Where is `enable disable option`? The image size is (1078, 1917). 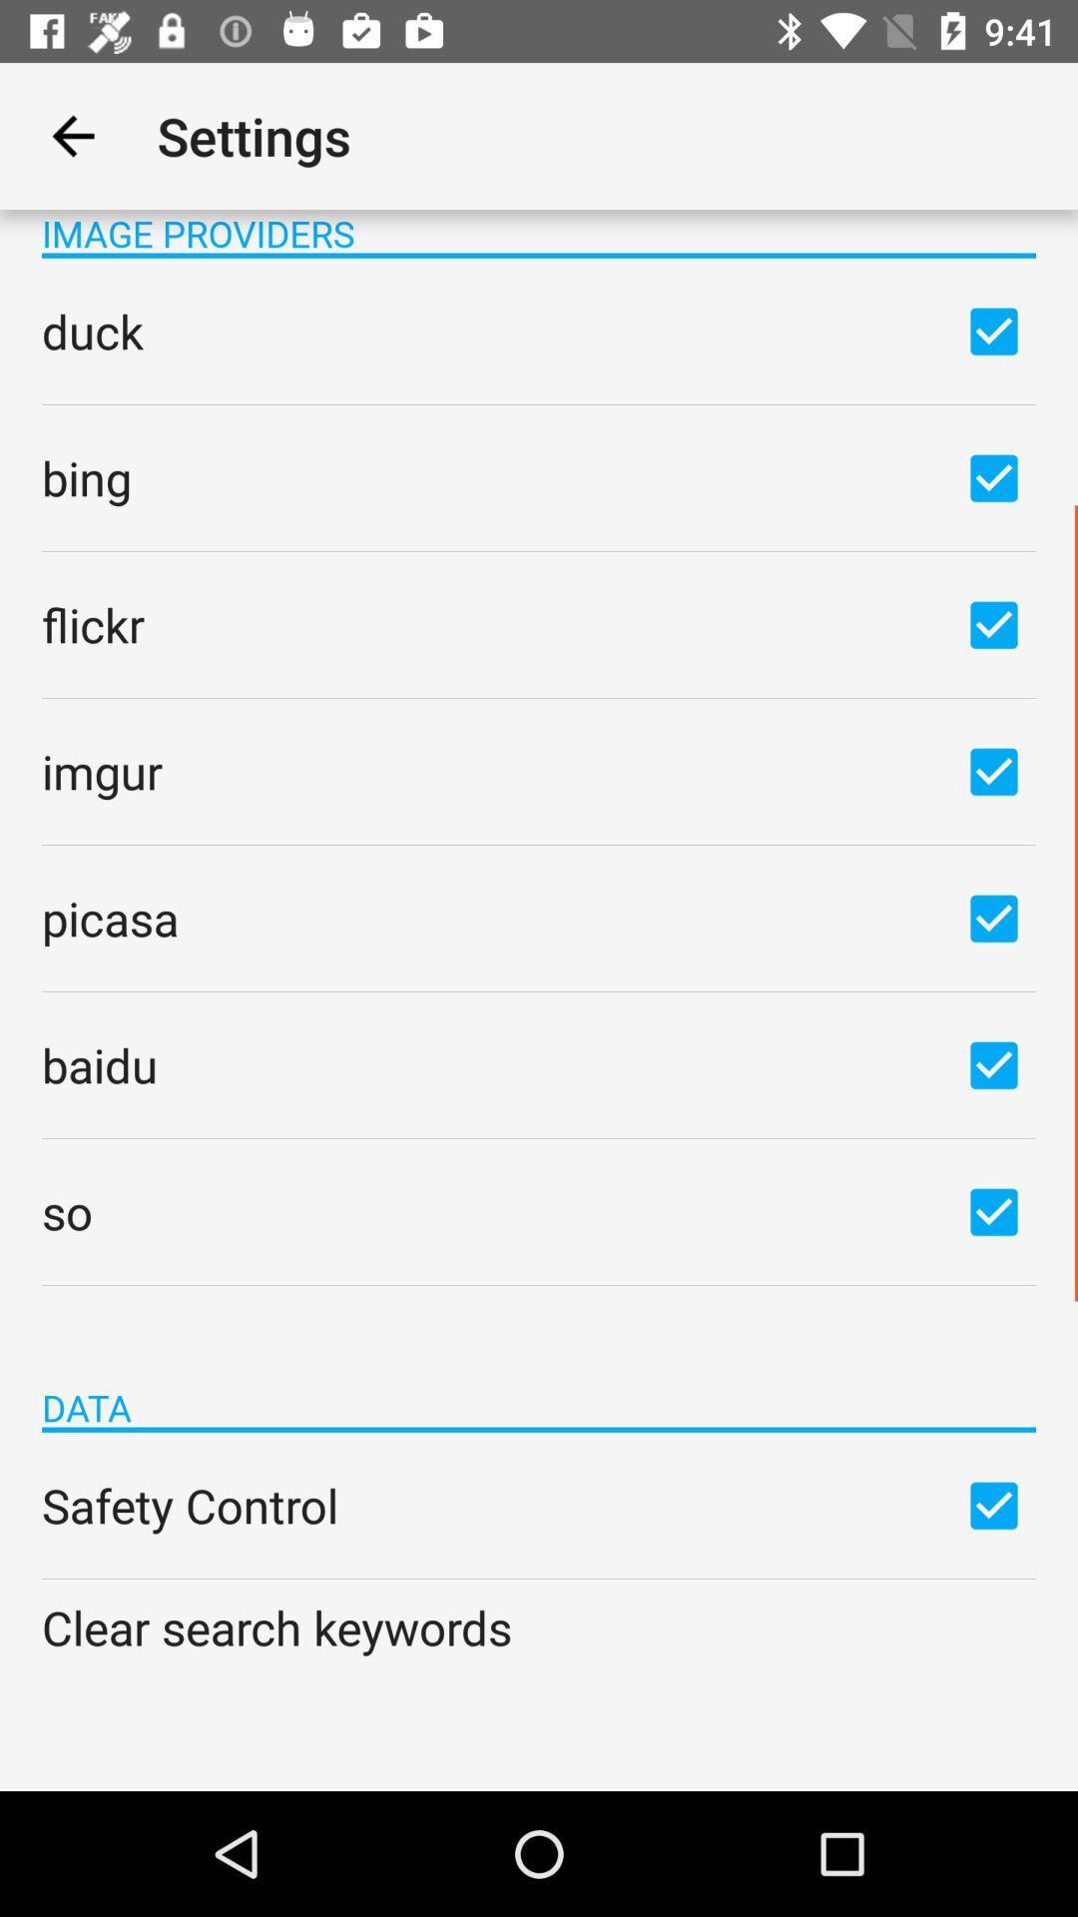
enable disable option is located at coordinates (993, 623).